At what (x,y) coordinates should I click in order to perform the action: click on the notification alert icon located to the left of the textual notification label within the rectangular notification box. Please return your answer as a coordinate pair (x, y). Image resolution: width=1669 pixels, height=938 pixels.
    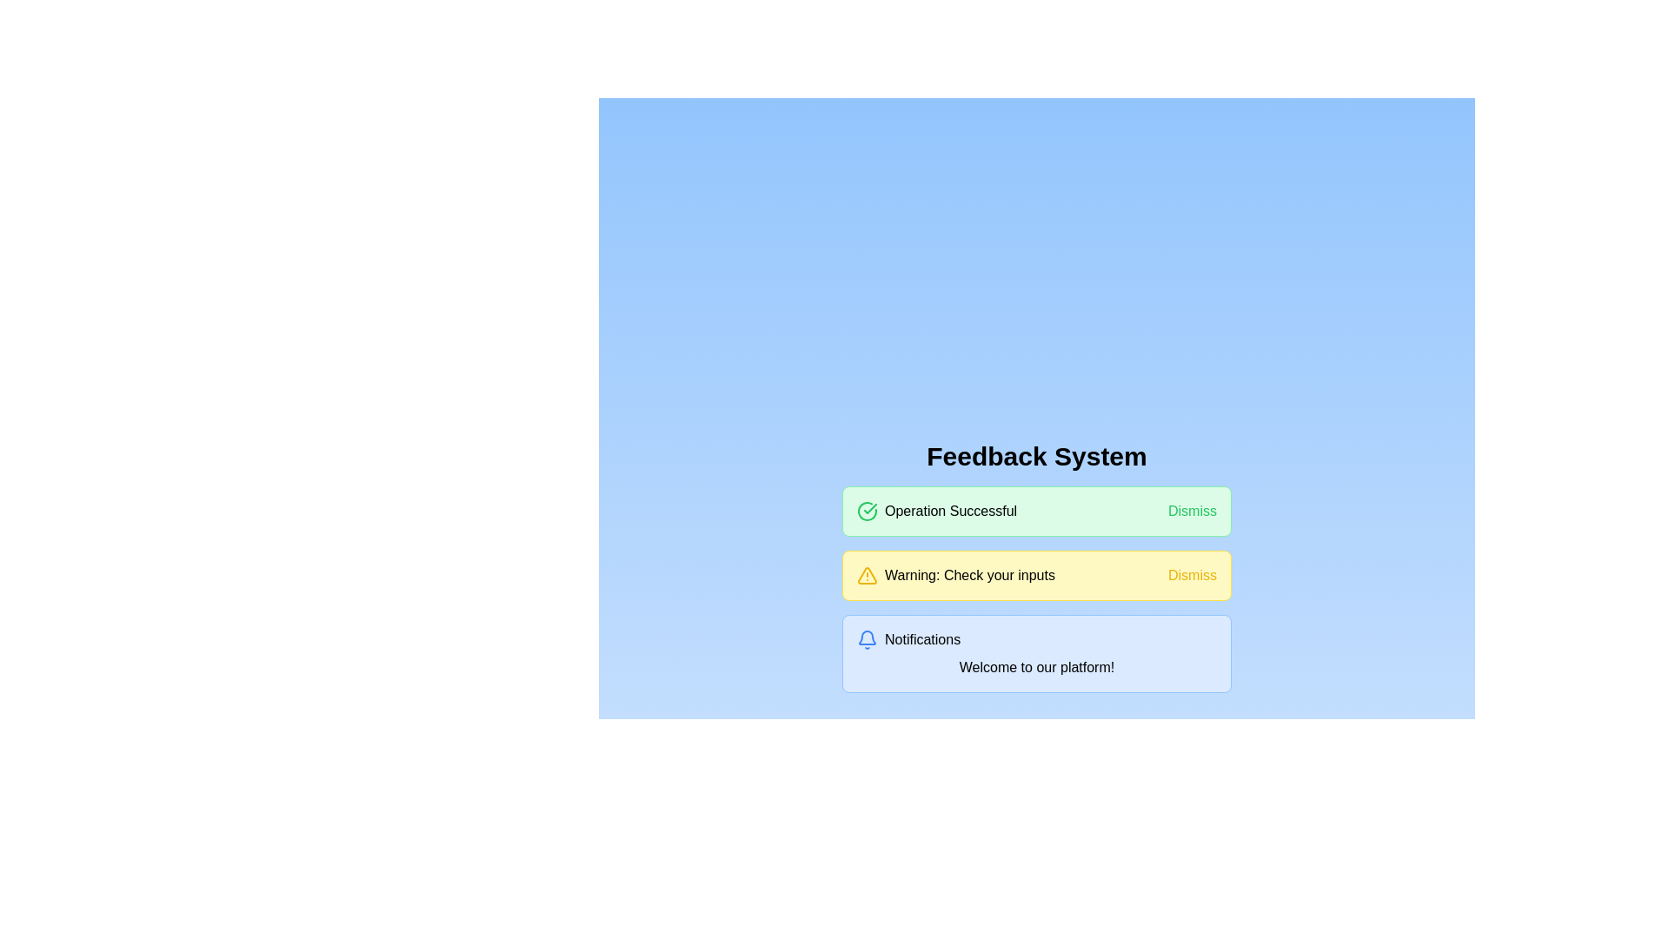
    Looking at the image, I should click on (868, 637).